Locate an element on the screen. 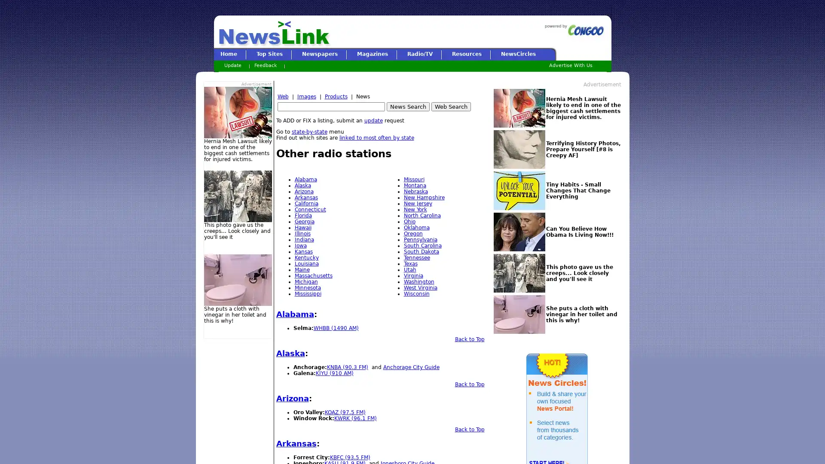  News Search is located at coordinates (407, 106).